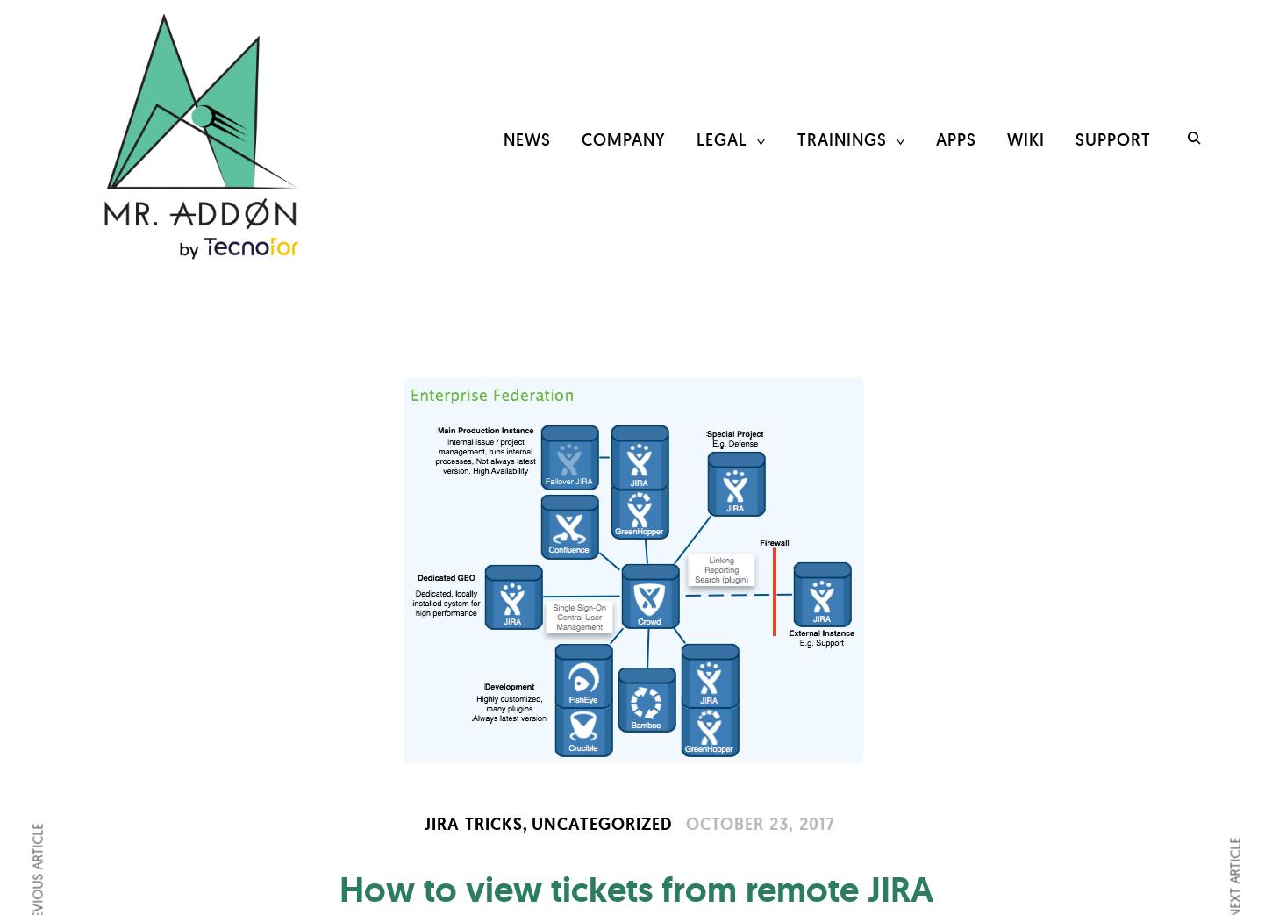 The image size is (1272, 915). What do you see at coordinates (759, 822) in the screenshot?
I see `'October 23, 2017'` at bounding box center [759, 822].